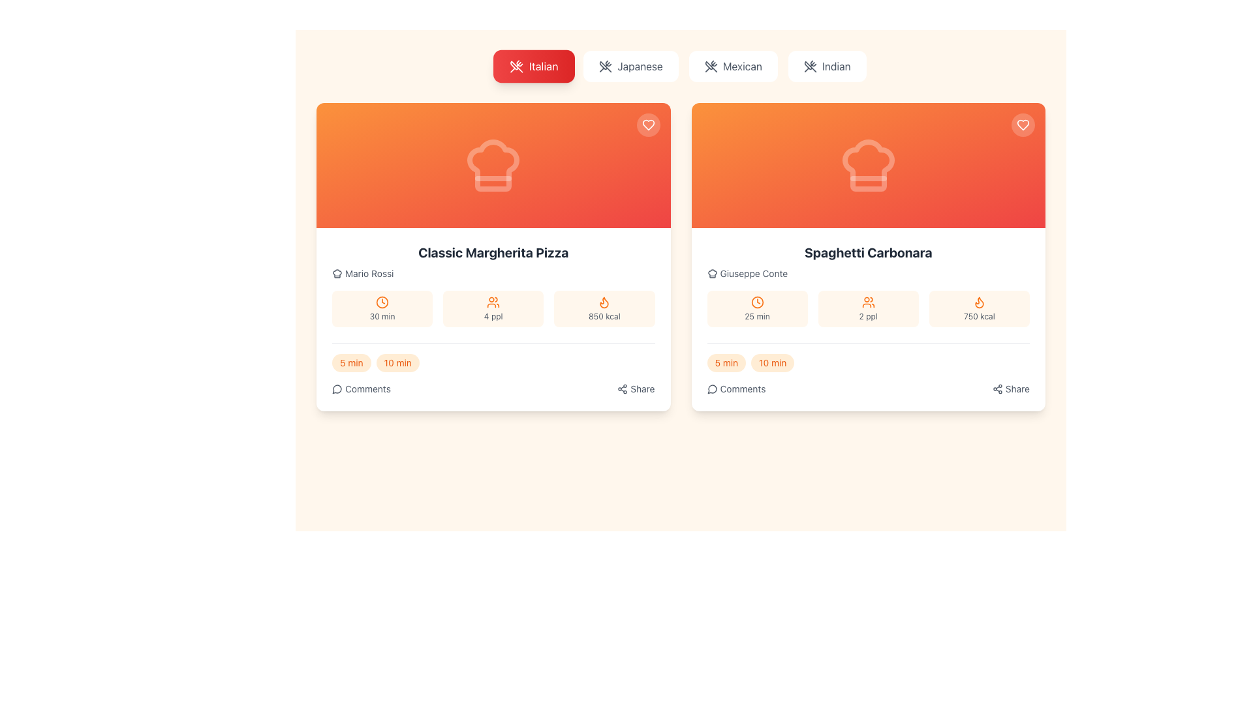 Image resolution: width=1253 pixels, height=704 pixels. Describe the element at coordinates (604, 302) in the screenshot. I see `the calorie indicator icon located at the bottom-right section of the recipe card, below the header and next to the calorie figure` at that location.